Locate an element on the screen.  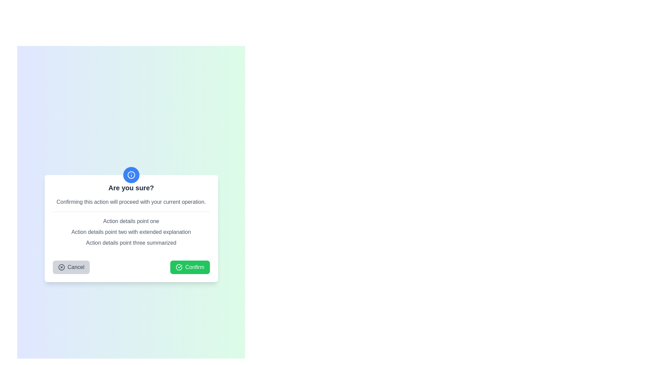
static text element located below the header 'Are you sure?' and above the action details in the centered modal box is located at coordinates (131, 201).